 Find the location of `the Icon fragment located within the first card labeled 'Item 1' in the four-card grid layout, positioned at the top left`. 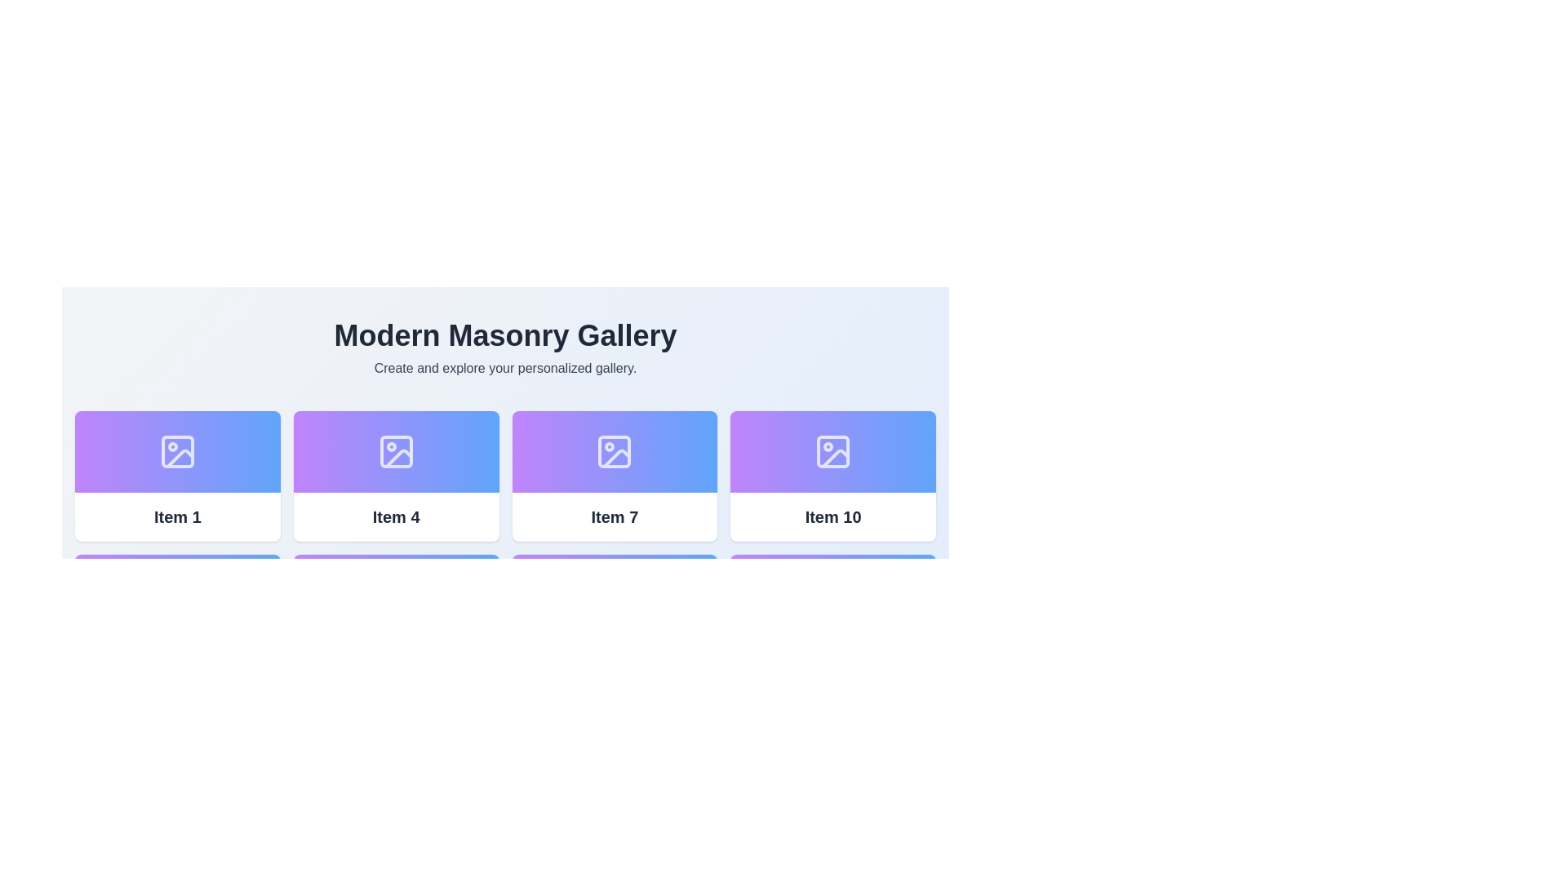

the Icon fragment located within the first card labeled 'Item 1' in the four-card grid layout, positioned at the top left is located at coordinates (180, 458).